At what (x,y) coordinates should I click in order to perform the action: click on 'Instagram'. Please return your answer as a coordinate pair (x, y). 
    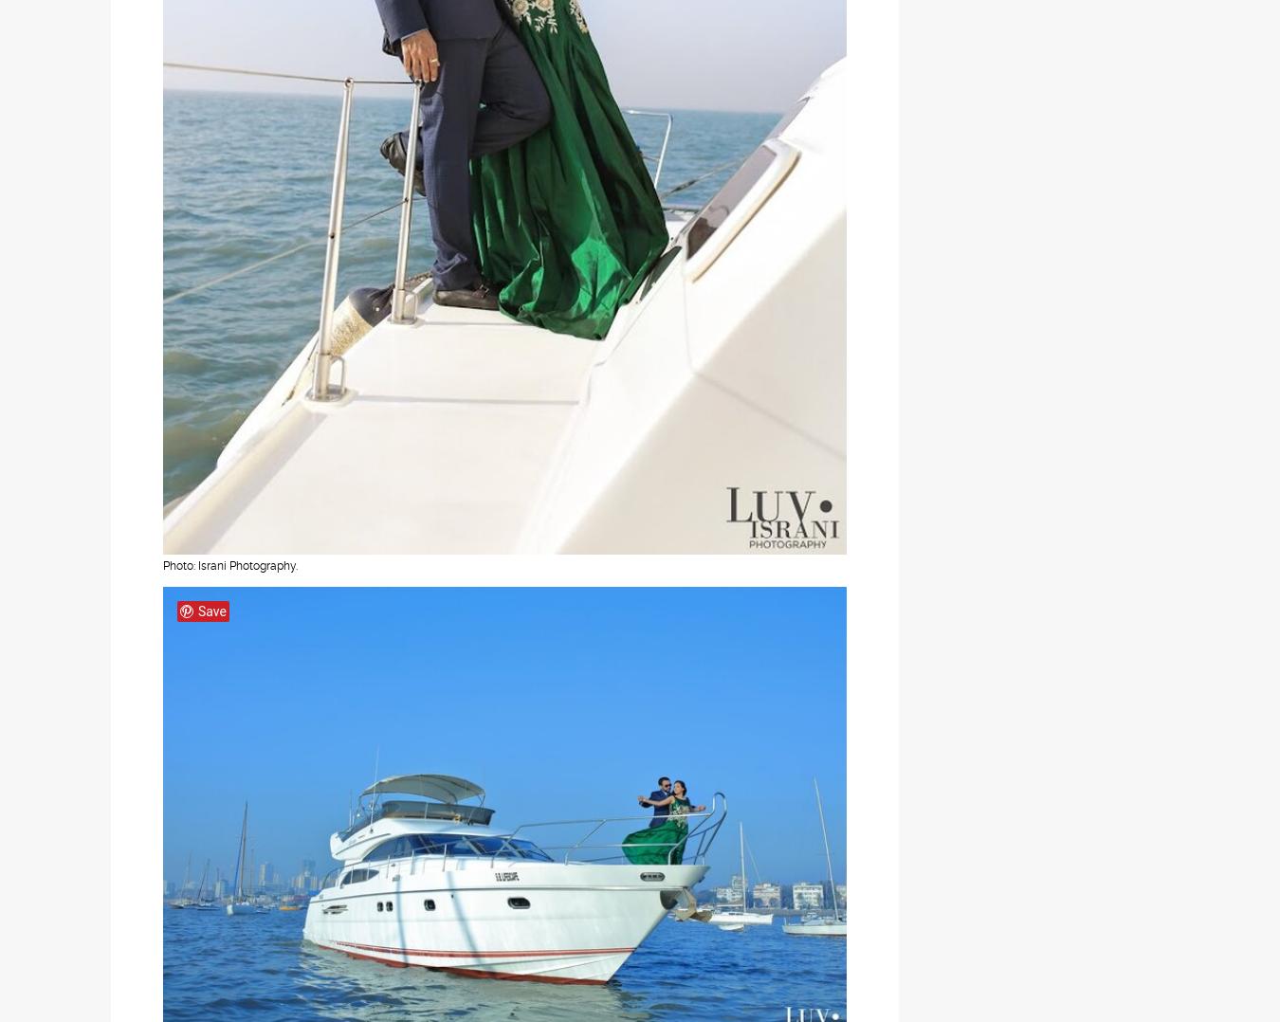
    Looking at the image, I should click on (770, 599).